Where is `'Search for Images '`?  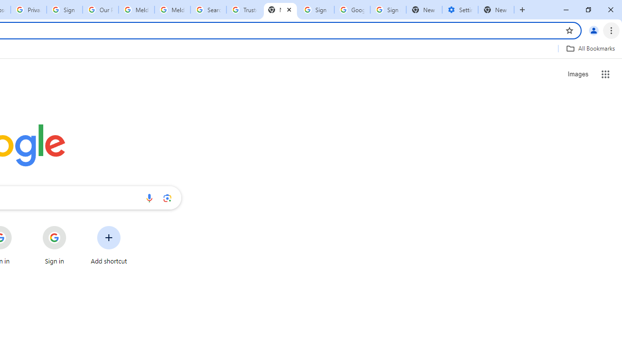 'Search for Images ' is located at coordinates (578, 74).